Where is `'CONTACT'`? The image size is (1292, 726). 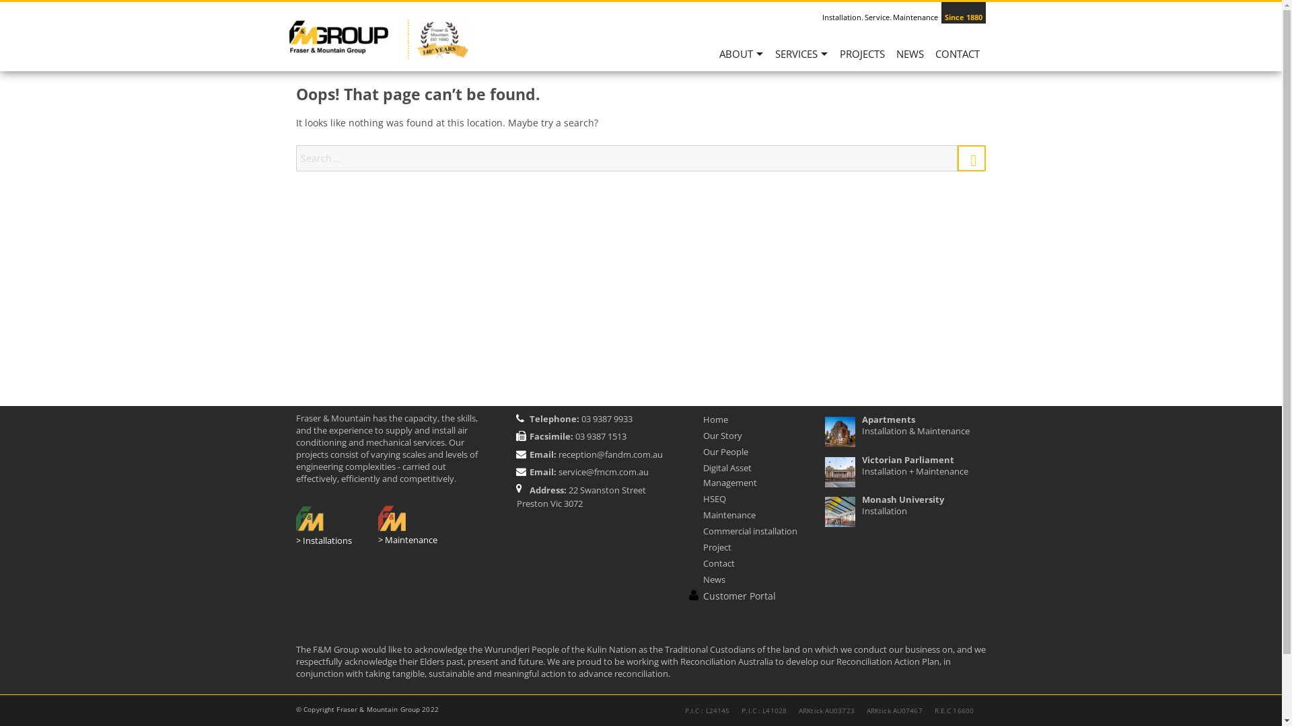 'CONTACT' is located at coordinates (957, 58).